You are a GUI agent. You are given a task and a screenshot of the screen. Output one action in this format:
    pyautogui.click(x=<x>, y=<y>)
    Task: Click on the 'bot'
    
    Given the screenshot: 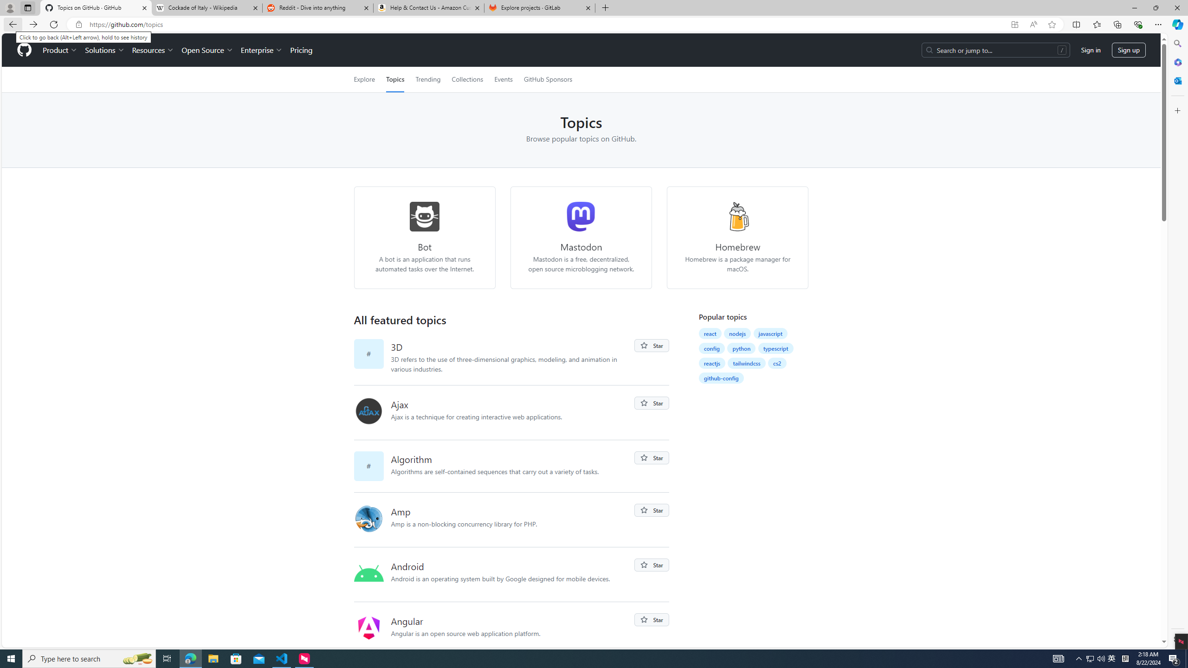 What is the action you would take?
    pyautogui.click(x=424, y=217)
    